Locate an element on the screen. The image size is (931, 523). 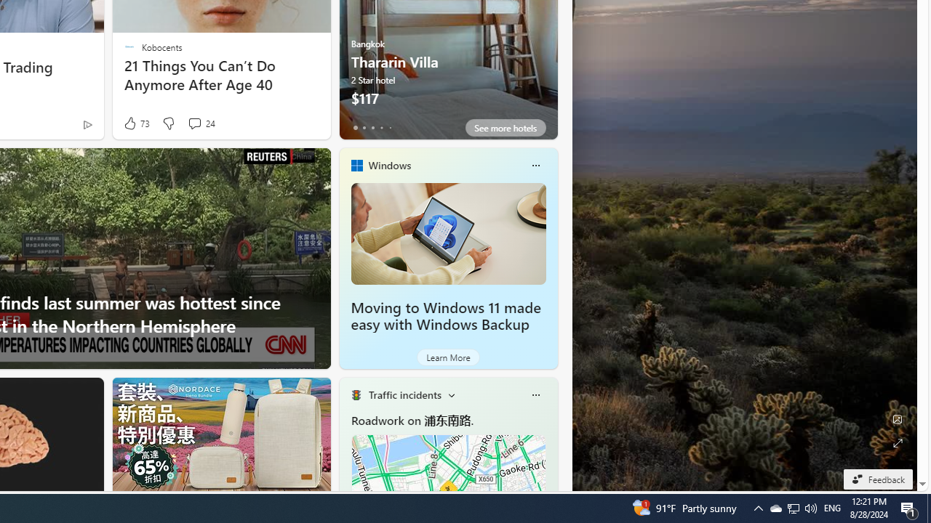
'Traffic incidents' is located at coordinates (404, 394).